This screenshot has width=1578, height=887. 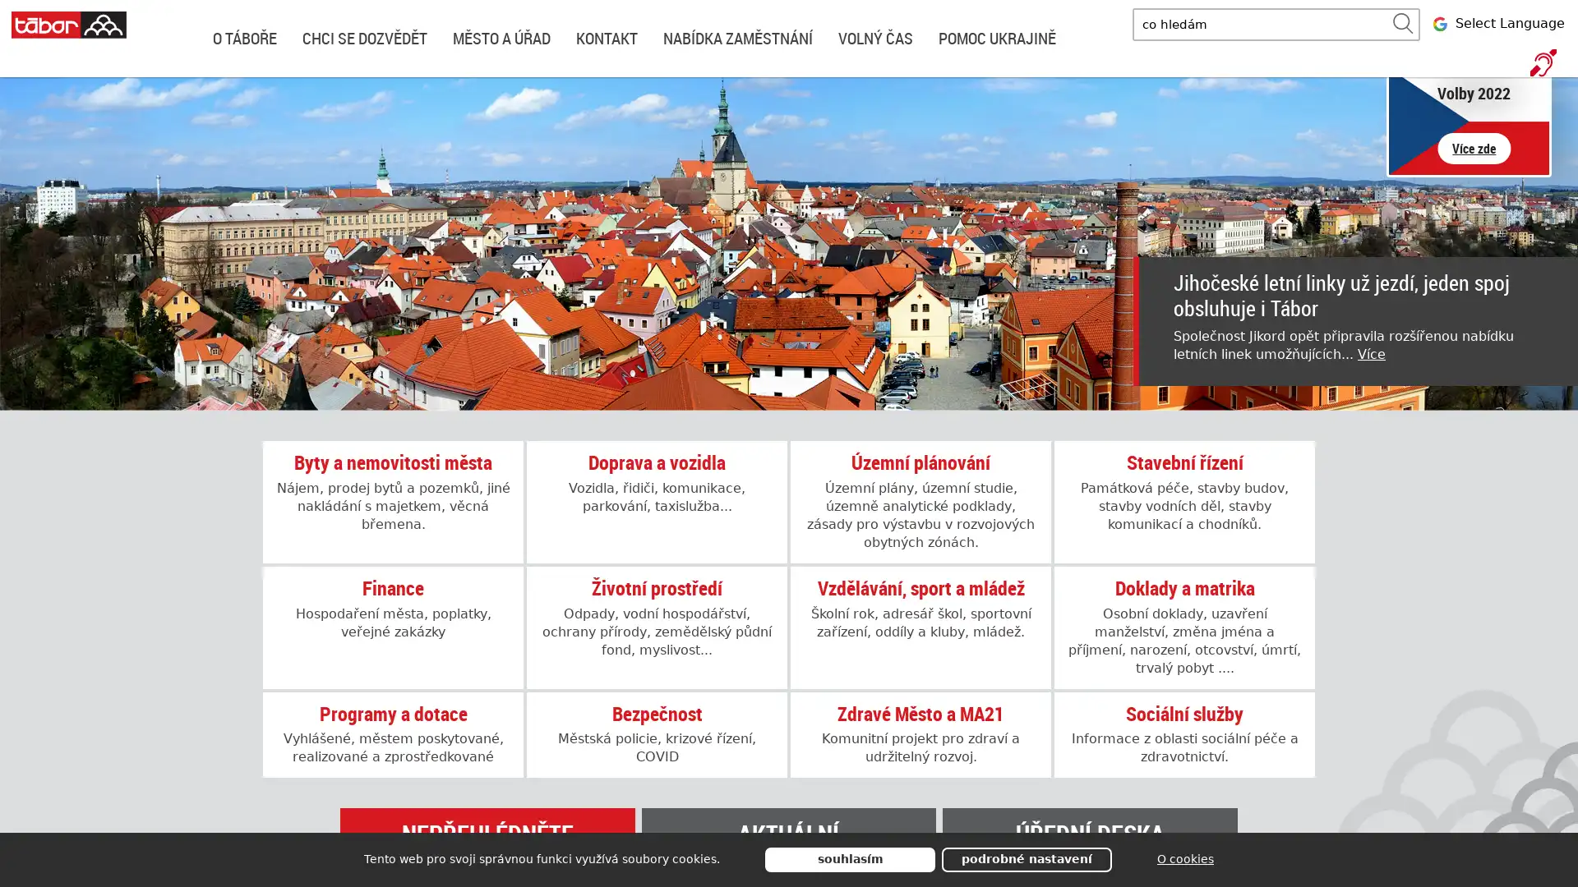 I want to click on Hledat, so click(x=1402, y=24).